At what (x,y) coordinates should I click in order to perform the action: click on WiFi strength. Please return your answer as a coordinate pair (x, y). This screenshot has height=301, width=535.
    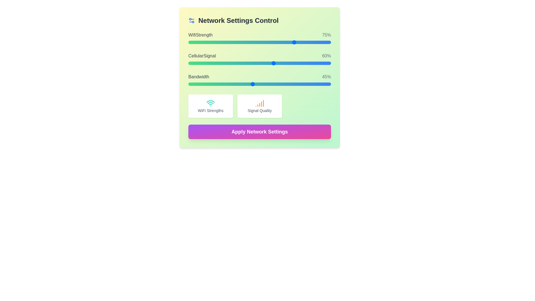
    Looking at the image, I should click on (288, 42).